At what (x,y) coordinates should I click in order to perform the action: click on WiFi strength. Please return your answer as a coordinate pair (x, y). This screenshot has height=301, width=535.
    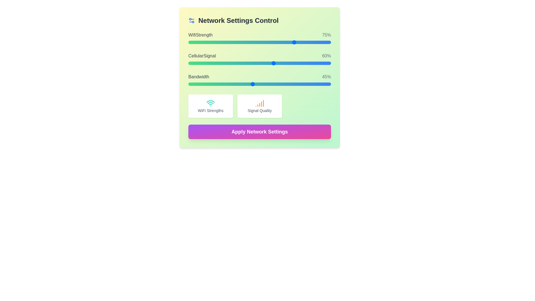
    Looking at the image, I should click on (288, 42).